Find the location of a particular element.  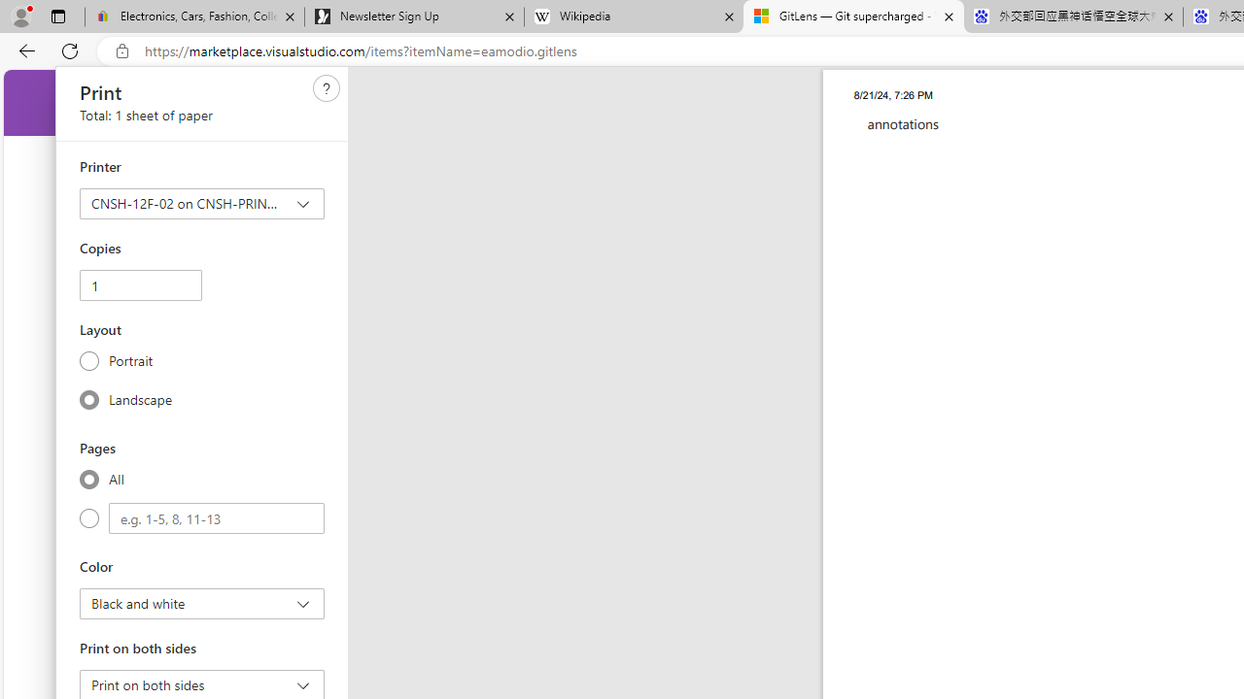

'Need help' is located at coordinates (327, 88).